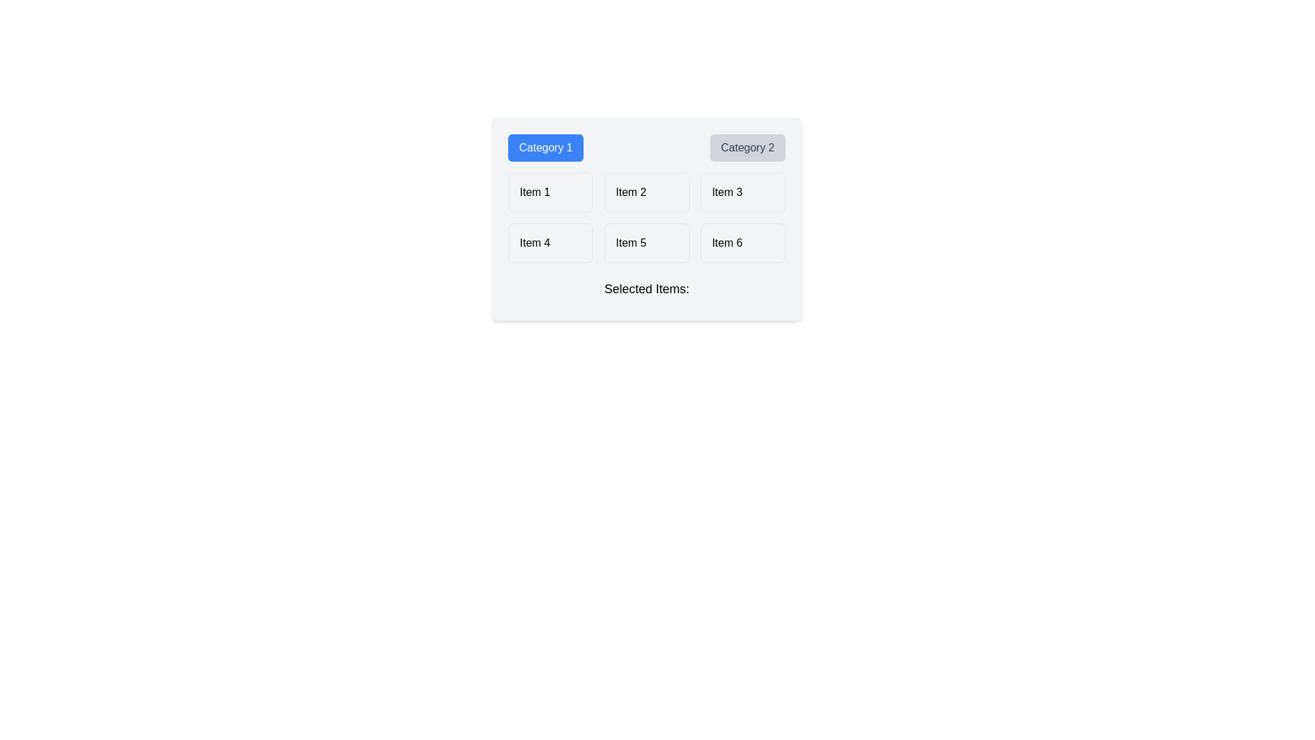 The image size is (1315, 740). Describe the element at coordinates (545, 148) in the screenshot. I see `the 'Category 1' button, which is a blue rectangular button with white text` at that location.